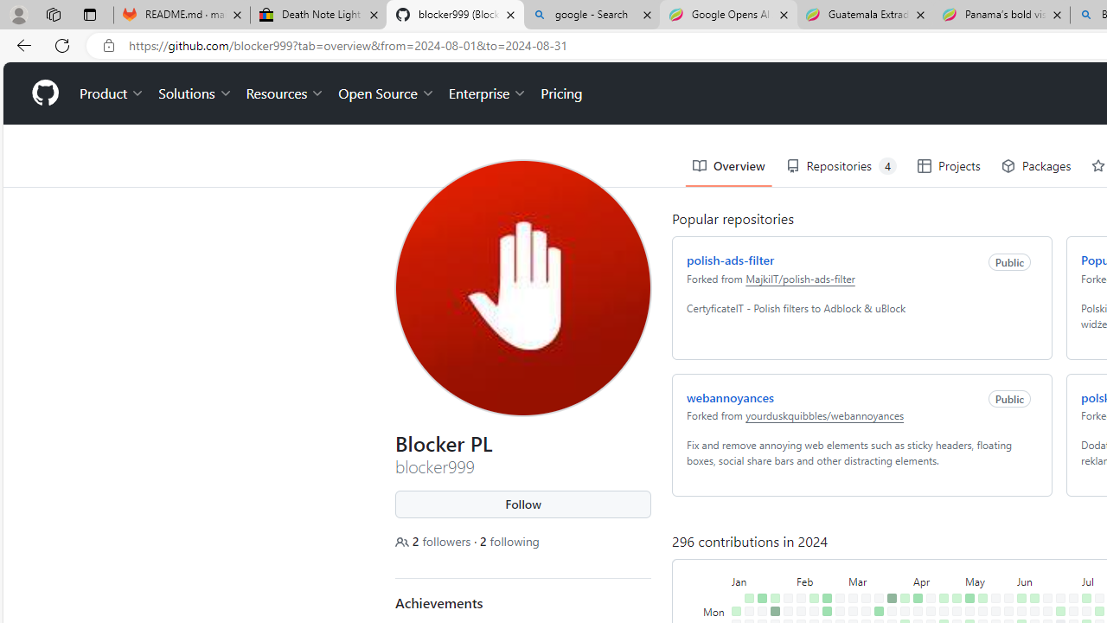 Image resolution: width=1107 pixels, height=623 pixels. Describe the element at coordinates (108, 45) in the screenshot. I see `'View site information'` at that location.